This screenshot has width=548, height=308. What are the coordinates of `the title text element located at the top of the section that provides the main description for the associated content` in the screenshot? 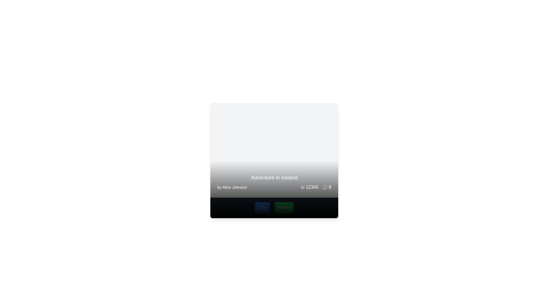 It's located at (274, 177).